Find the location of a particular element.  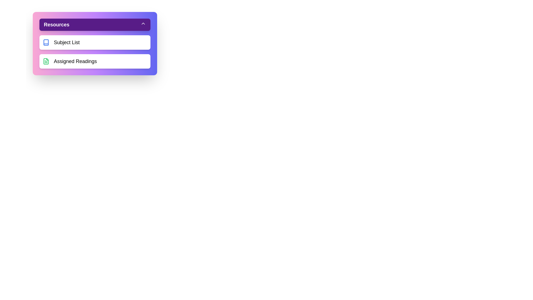

the upward-pointing chevron icon on the right-hand side of the purple background bar labeled 'Resources' is located at coordinates (143, 23).